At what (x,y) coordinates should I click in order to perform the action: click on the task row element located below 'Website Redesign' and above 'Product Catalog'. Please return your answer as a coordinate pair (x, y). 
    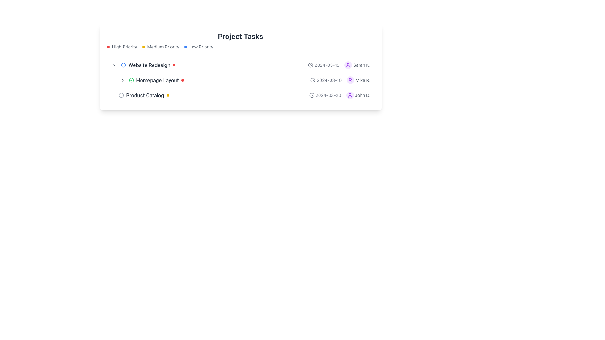
    Looking at the image, I should click on (244, 80).